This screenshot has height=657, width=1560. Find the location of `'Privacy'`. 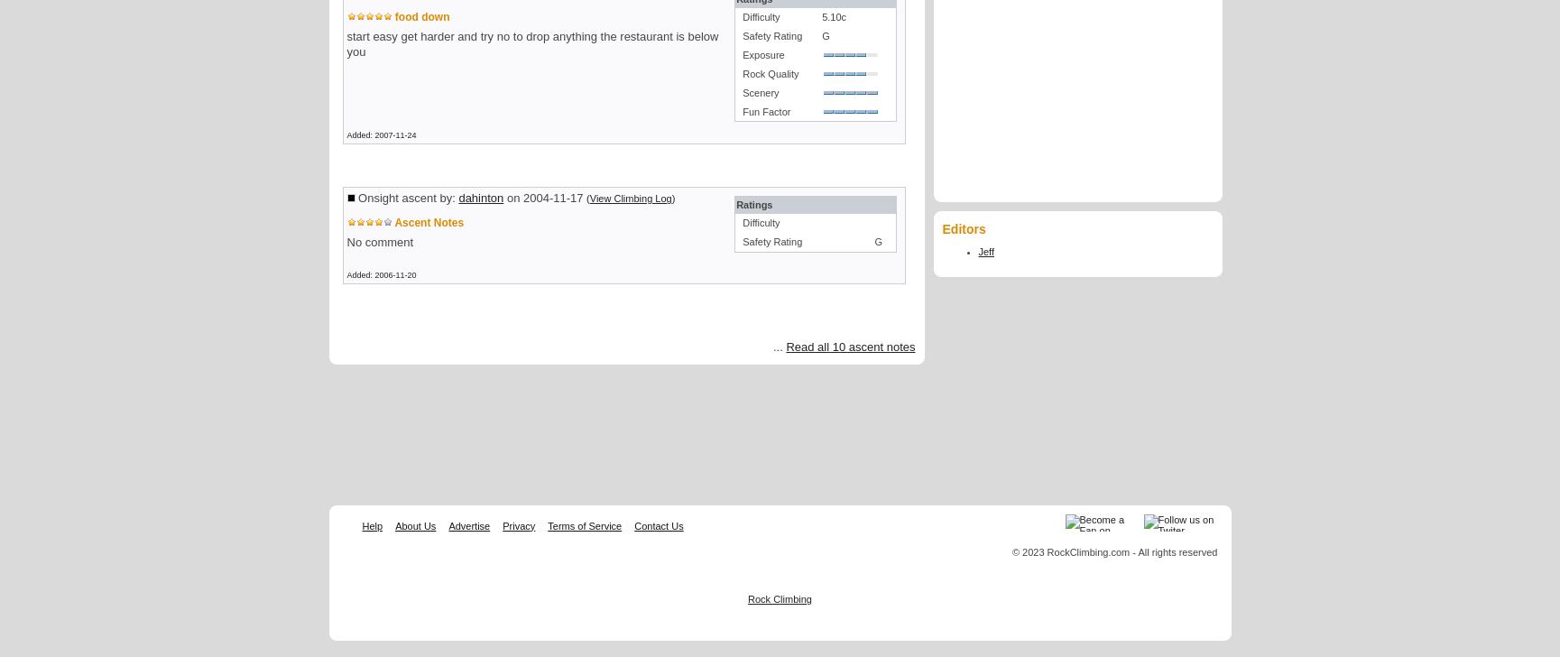

'Privacy' is located at coordinates (519, 525).